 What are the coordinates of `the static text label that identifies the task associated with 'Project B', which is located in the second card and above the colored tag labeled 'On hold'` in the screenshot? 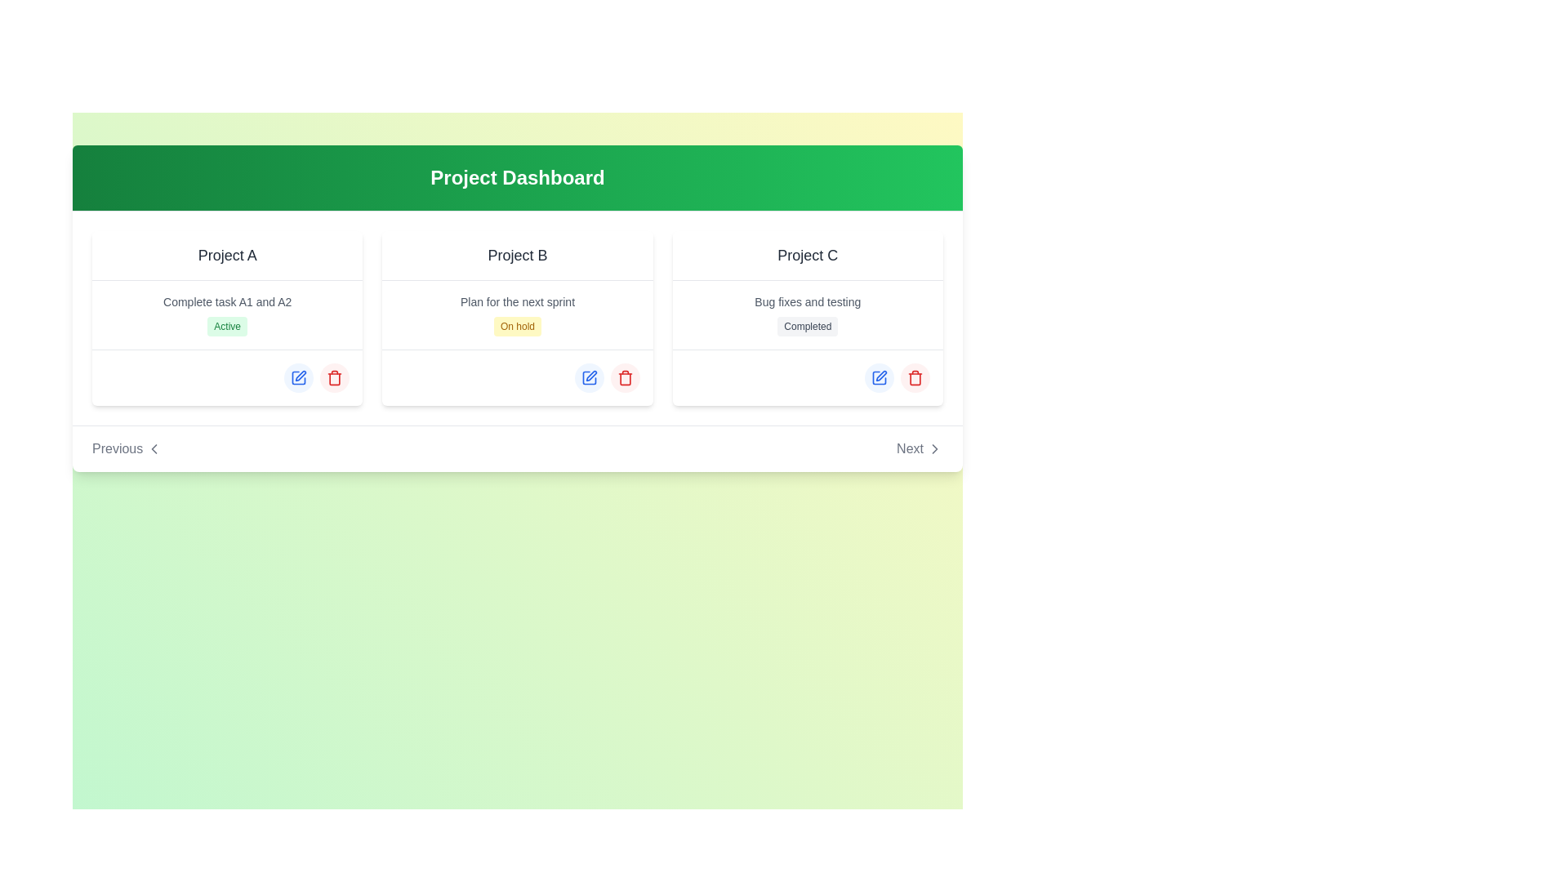 It's located at (516, 302).